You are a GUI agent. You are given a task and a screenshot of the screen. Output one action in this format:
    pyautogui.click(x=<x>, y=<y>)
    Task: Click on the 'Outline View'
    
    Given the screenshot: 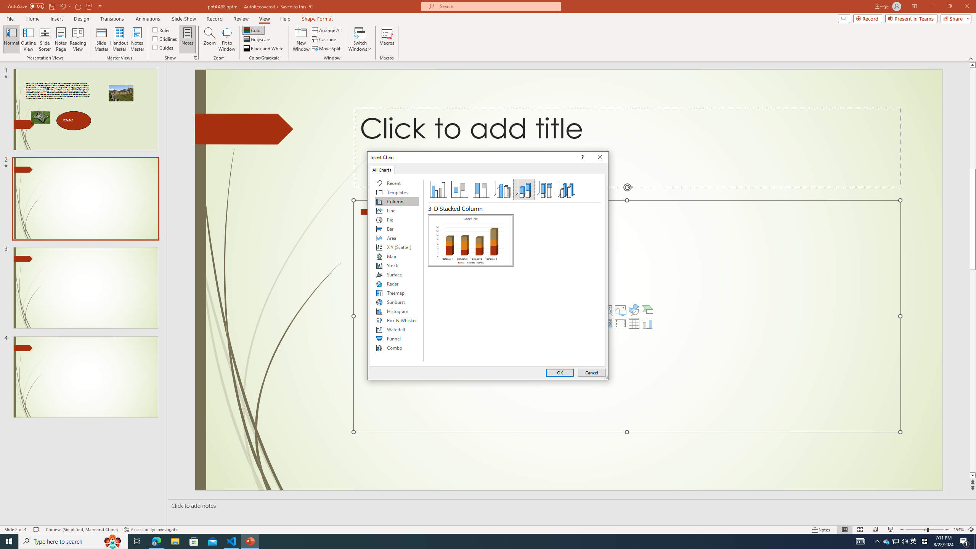 What is the action you would take?
    pyautogui.click(x=28, y=39)
    